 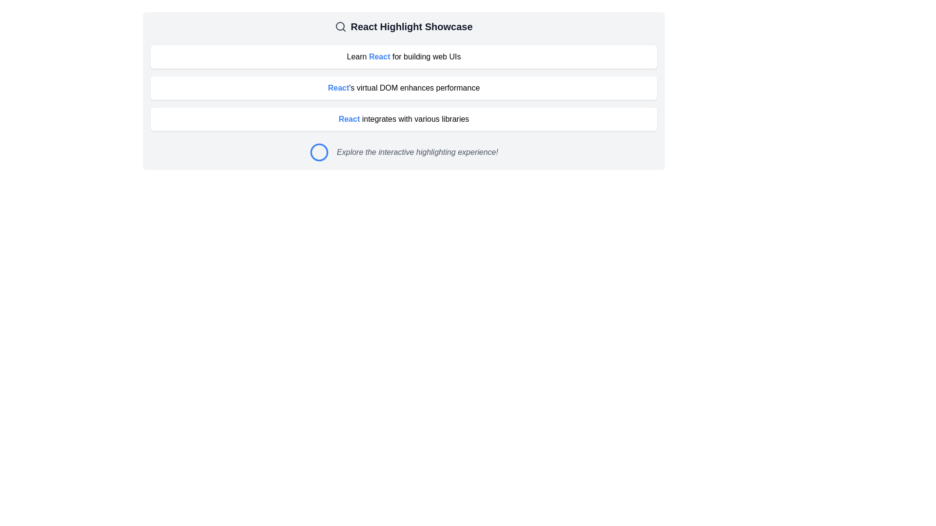 What do you see at coordinates (338, 88) in the screenshot?
I see `the bold blue text 'React' which is the first word in the sentence 'React's virtual DOM enhances performance', located at the center of the second list item` at bounding box center [338, 88].